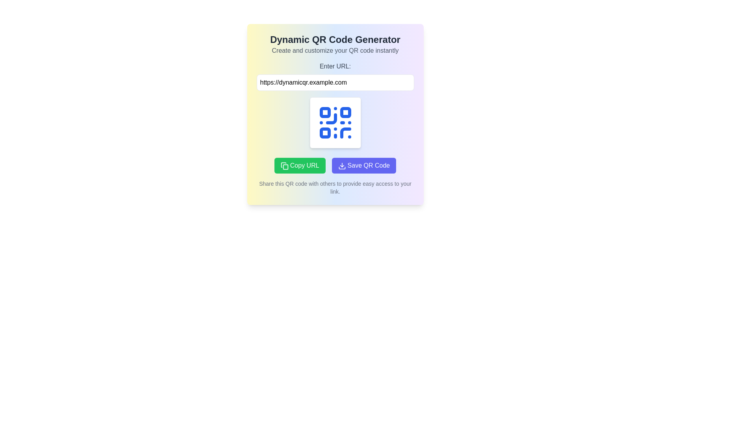  I want to click on the green 'Copy URL' button with a white icon of two overlapping squares to copy the URL, so click(299, 165).